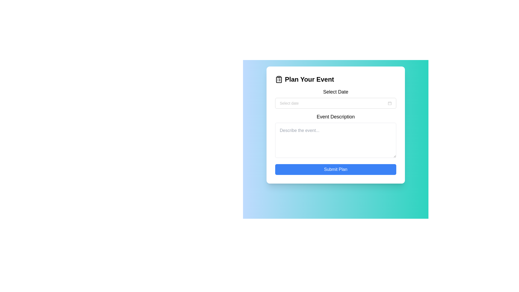 This screenshot has height=292, width=519. Describe the element at coordinates (390, 103) in the screenshot. I see `the calendar icon button located at the right end of the 'Select Date' input field` at that location.